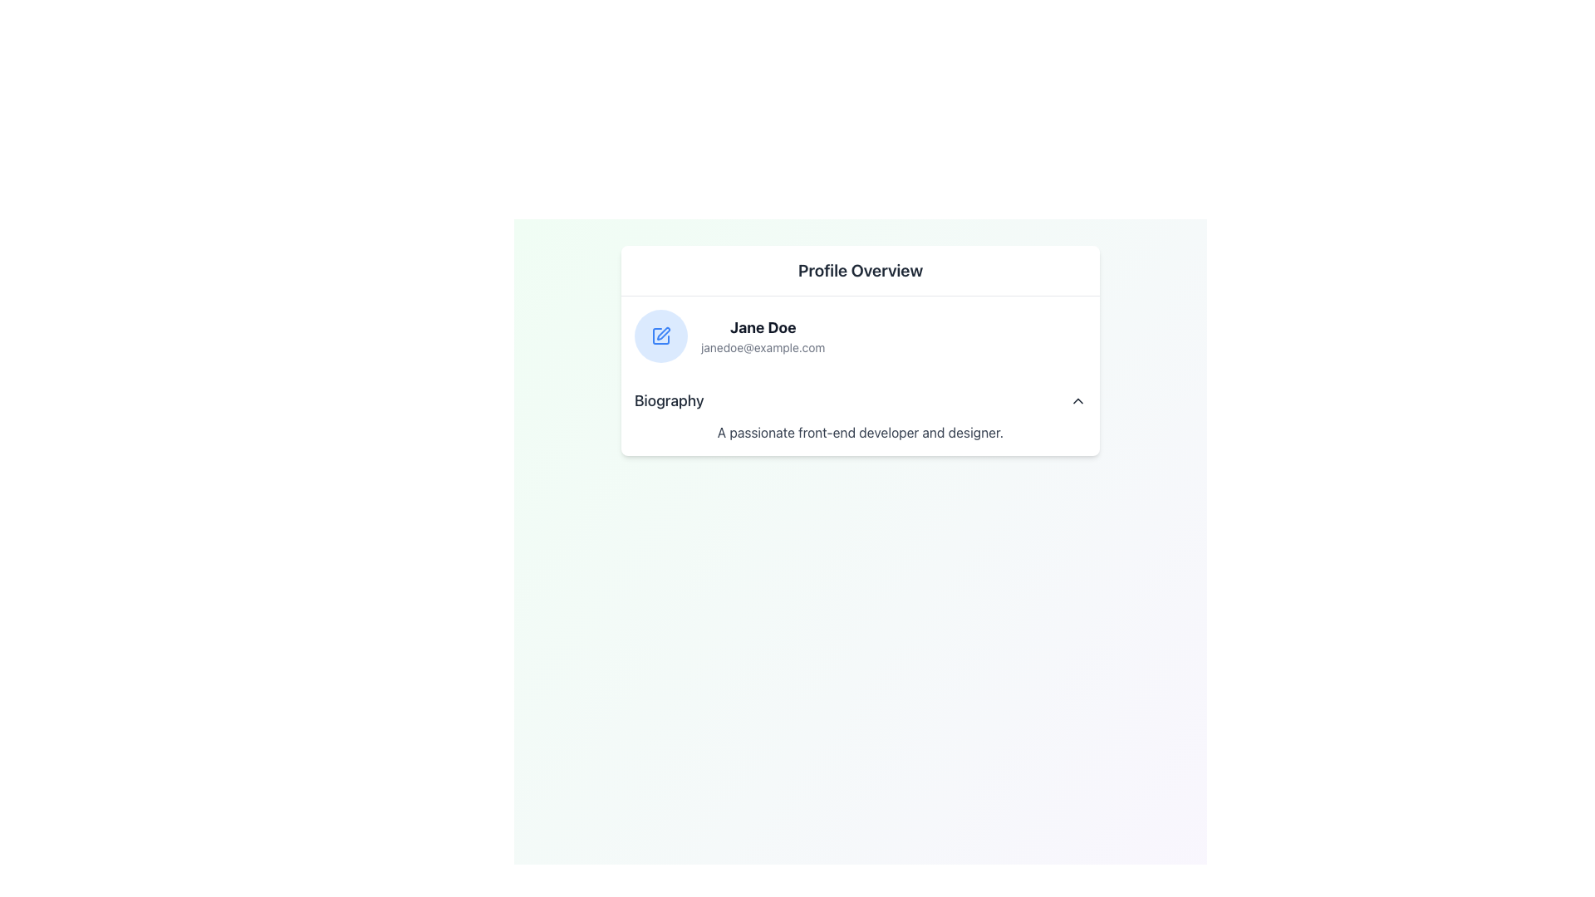 The image size is (1595, 897). I want to click on the 'Biography' text label, which is a bold, black font located on the left side of the horizontal section at the top of the 'Biography' section, so click(669, 400).